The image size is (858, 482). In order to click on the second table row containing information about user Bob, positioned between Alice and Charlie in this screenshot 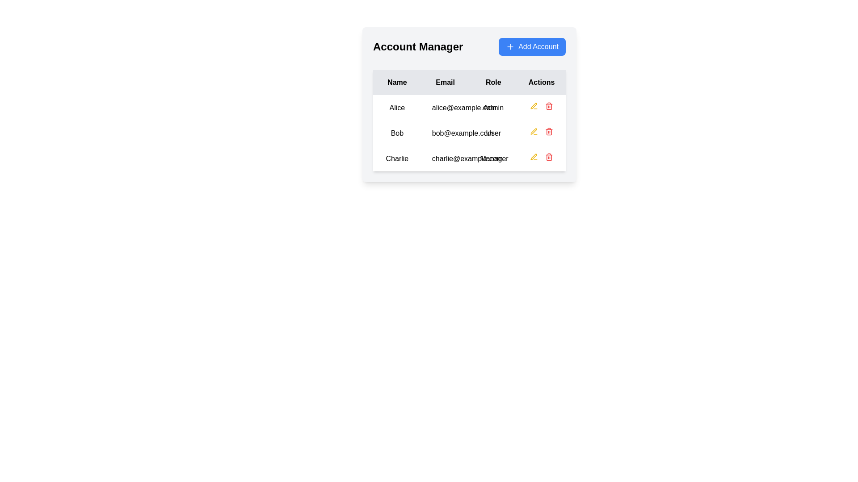, I will do `click(469, 133)`.